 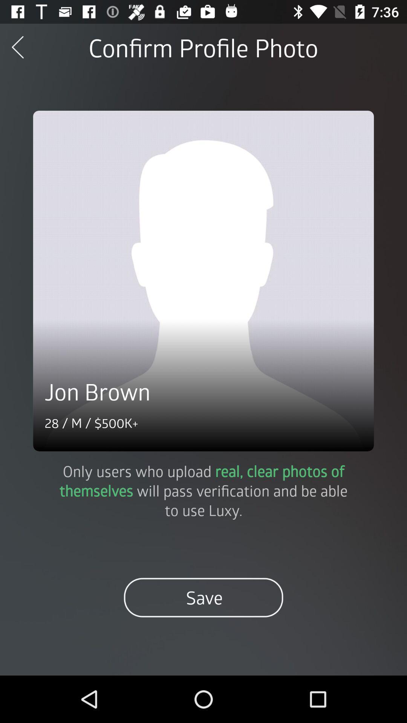 What do you see at coordinates (203, 490) in the screenshot?
I see `only users who icon` at bounding box center [203, 490].